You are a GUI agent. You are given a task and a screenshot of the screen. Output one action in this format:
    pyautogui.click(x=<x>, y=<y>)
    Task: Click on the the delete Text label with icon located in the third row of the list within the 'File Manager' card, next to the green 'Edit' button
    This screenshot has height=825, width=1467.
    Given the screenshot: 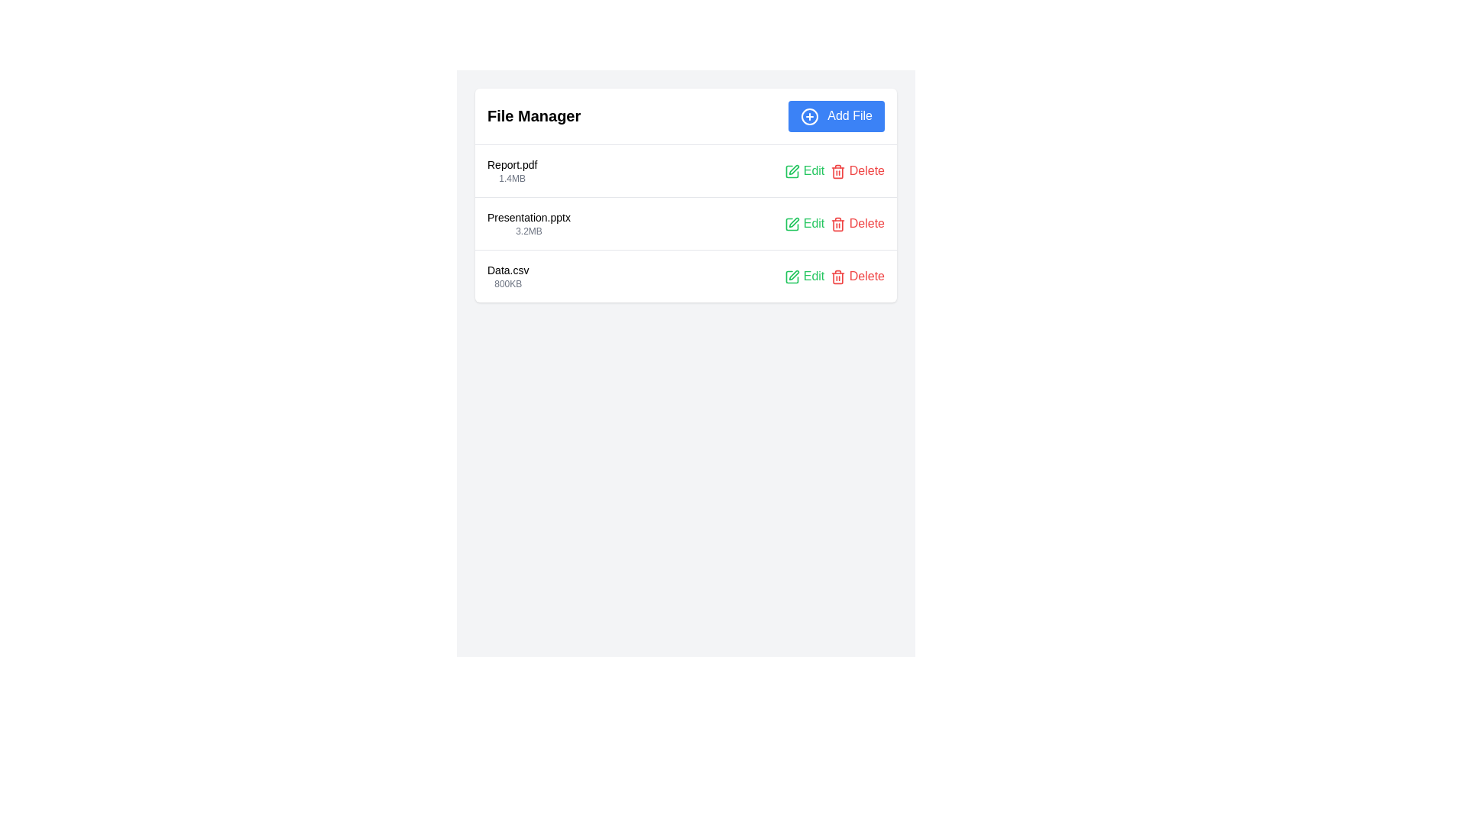 What is the action you would take?
    pyautogui.click(x=857, y=276)
    